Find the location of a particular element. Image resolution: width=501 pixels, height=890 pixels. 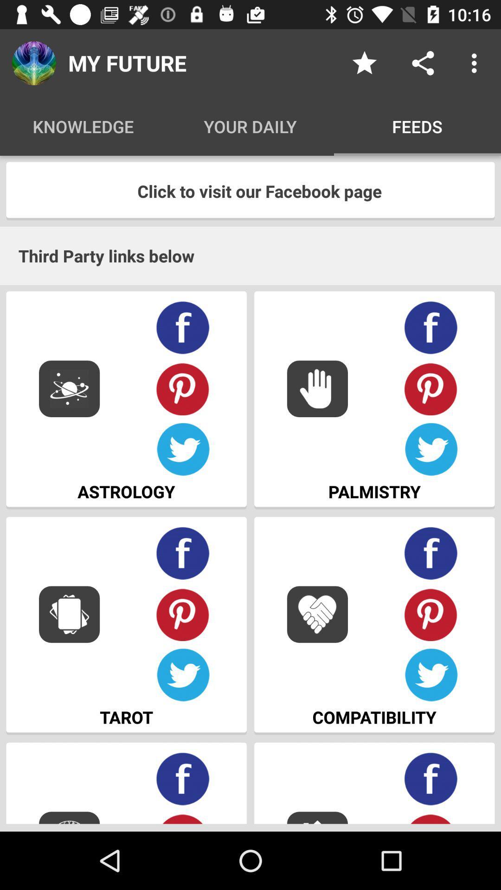

share with facebook is located at coordinates (431, 553).